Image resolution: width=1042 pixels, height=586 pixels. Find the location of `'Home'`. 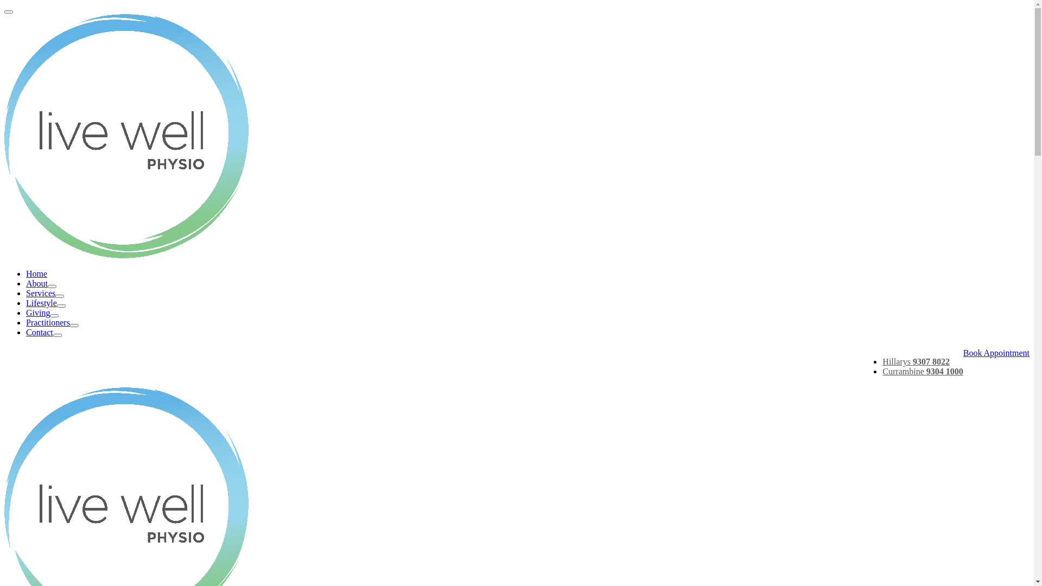

'Home' is located at coordinates (36, 273).